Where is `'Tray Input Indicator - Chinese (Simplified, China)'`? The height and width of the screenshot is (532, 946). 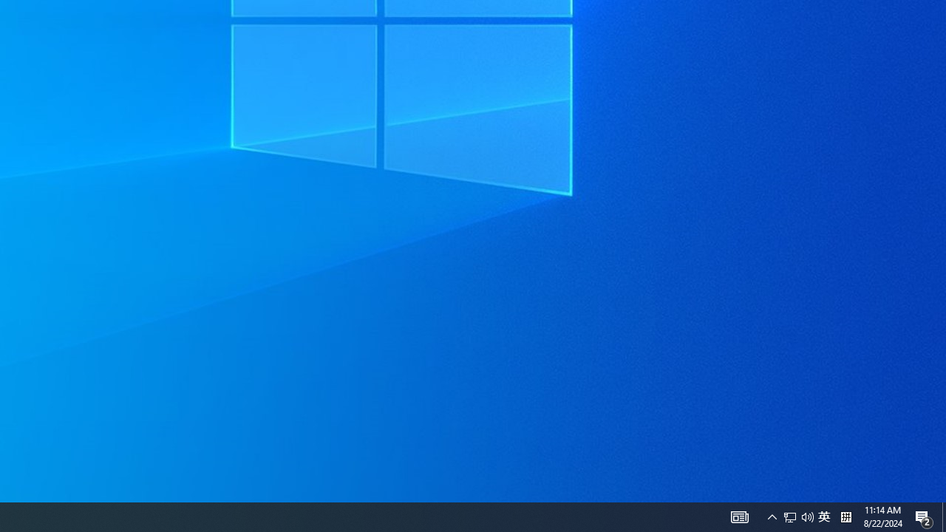 'Tray Input Indicator - Chinese (Simplified, China)' is located at coordinates (845, 516).